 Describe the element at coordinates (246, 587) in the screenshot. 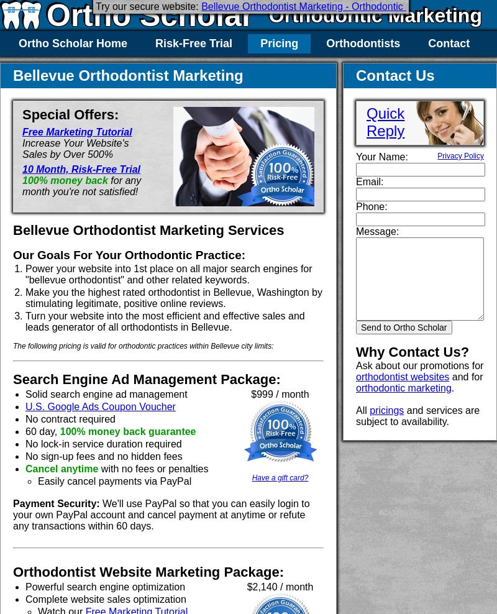

I see `'$2,140 / month'` at that location.